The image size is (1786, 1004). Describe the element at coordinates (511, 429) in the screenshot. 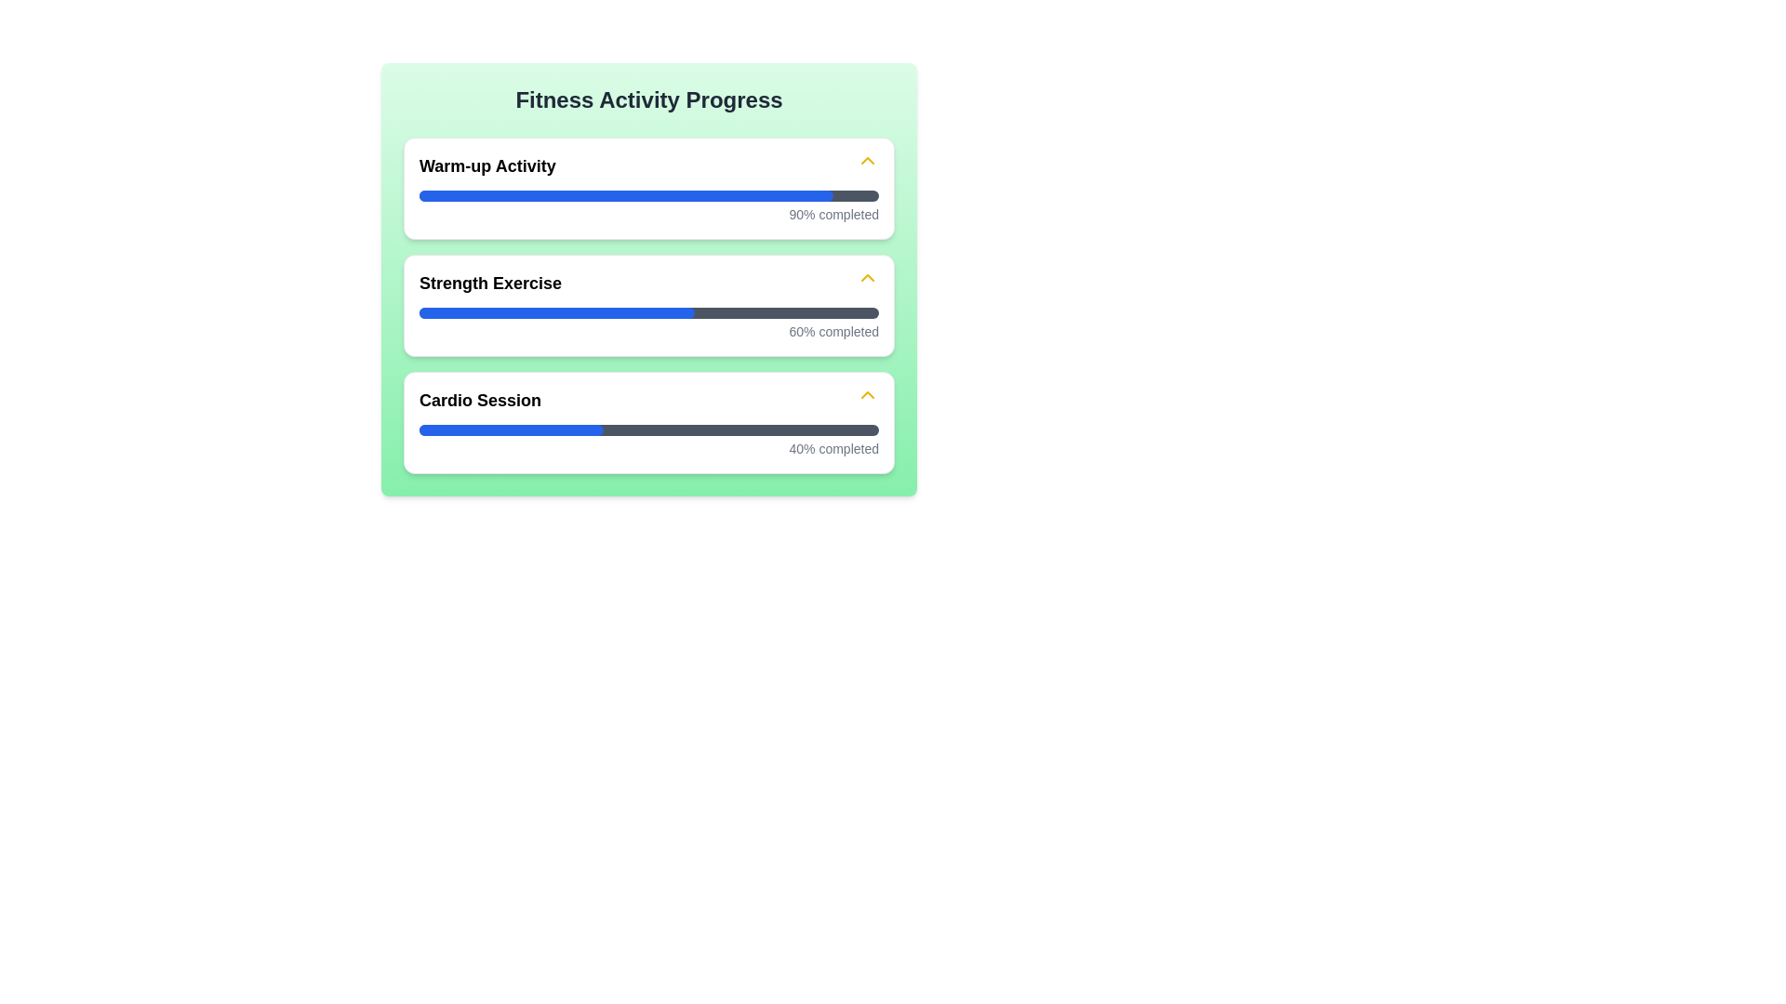

I see `the light blue progress bar at the bottom of the 'Cardio Session' section, which is filled to approximately 40% of its length` at that location.